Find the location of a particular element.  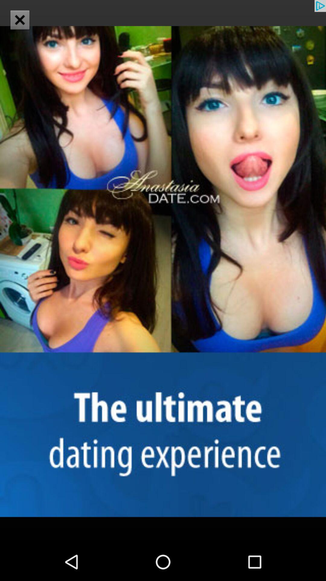

the close icon is located at coordinates (19, 21).